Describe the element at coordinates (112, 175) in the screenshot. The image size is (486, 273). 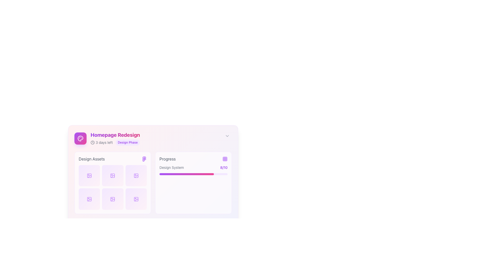
I see `the purple landscape icon with a circular mark` at that location.